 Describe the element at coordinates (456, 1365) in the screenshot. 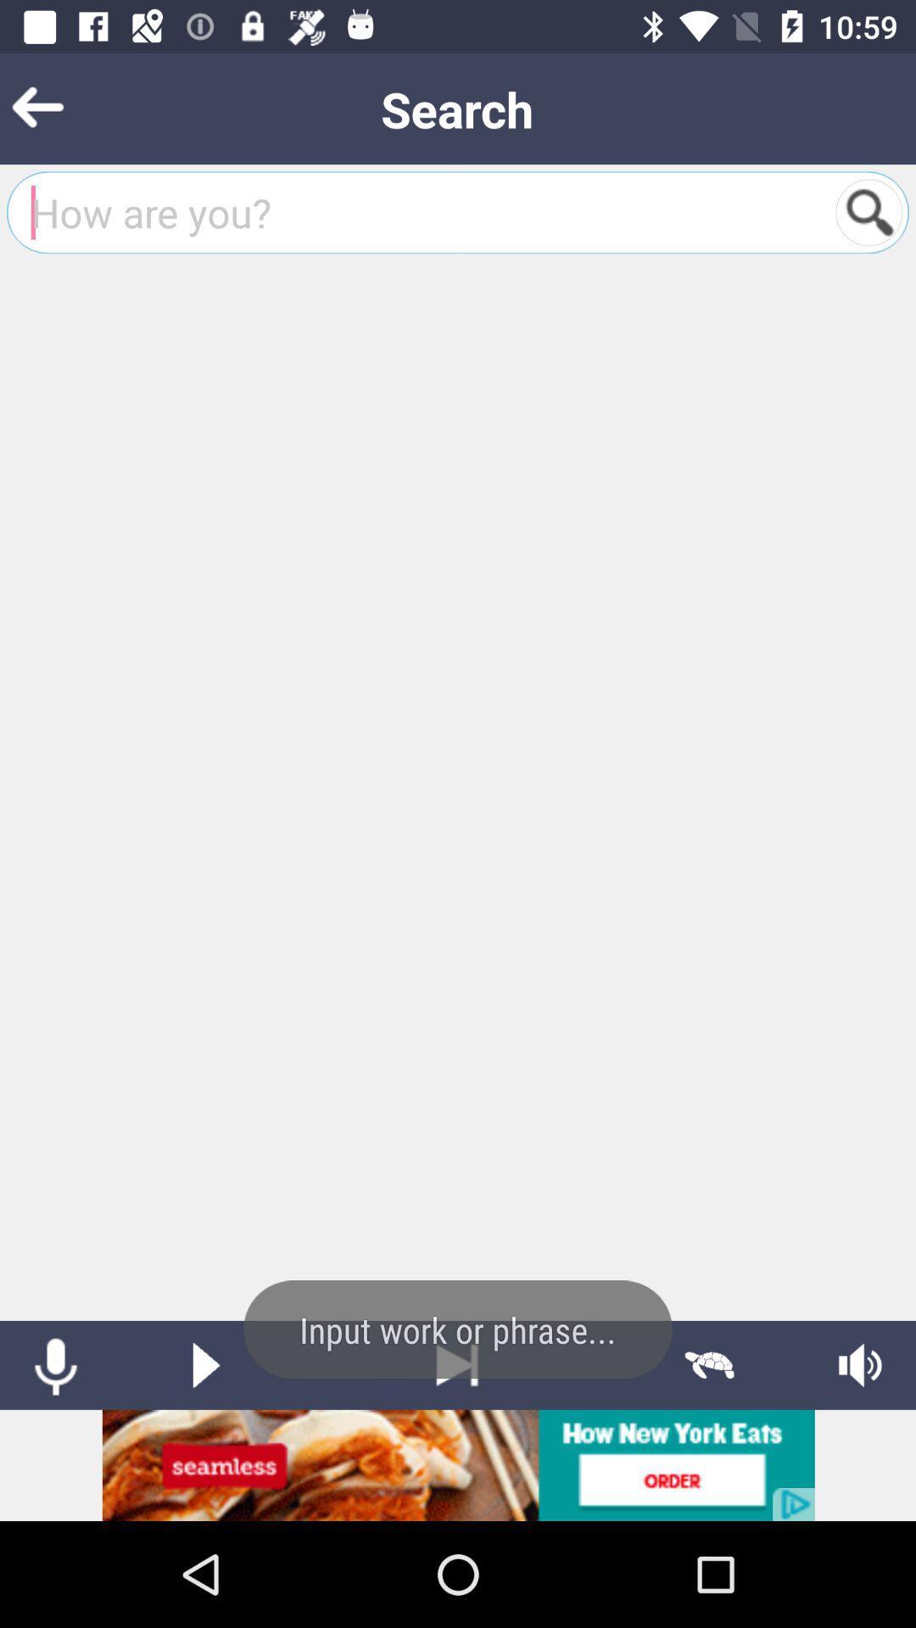

I see `the skip_next icon` at that location.